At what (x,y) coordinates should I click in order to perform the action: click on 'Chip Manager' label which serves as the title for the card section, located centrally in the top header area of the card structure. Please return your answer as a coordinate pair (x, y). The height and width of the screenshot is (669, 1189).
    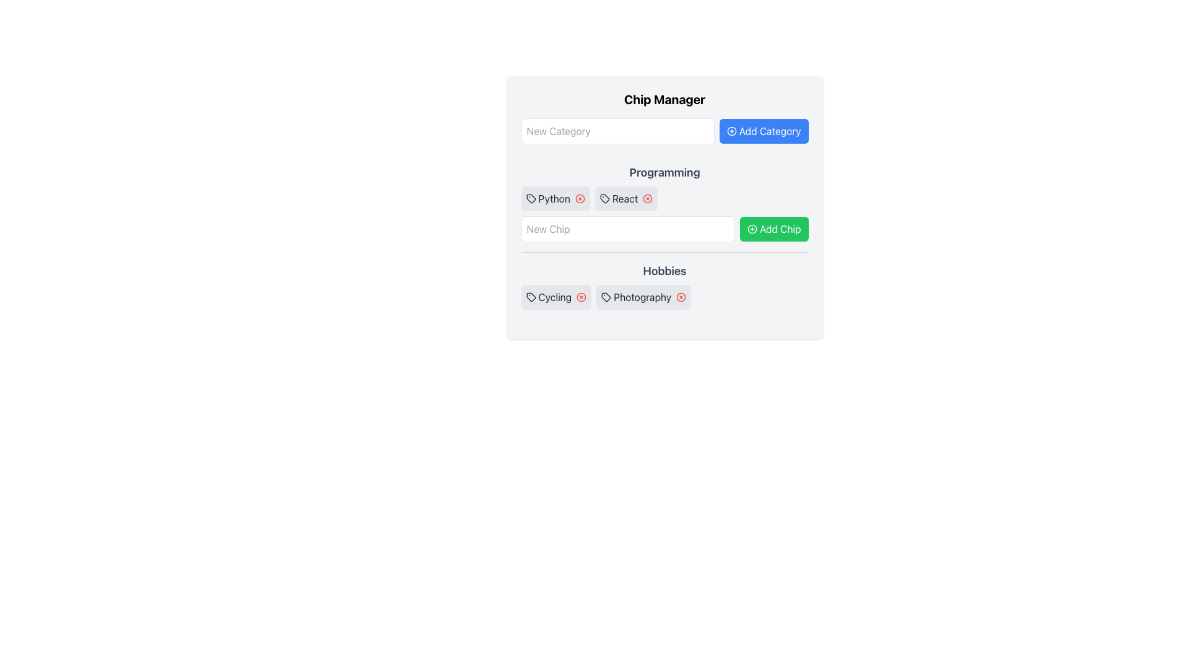
    Looking at the image, I should click on (664, 99).